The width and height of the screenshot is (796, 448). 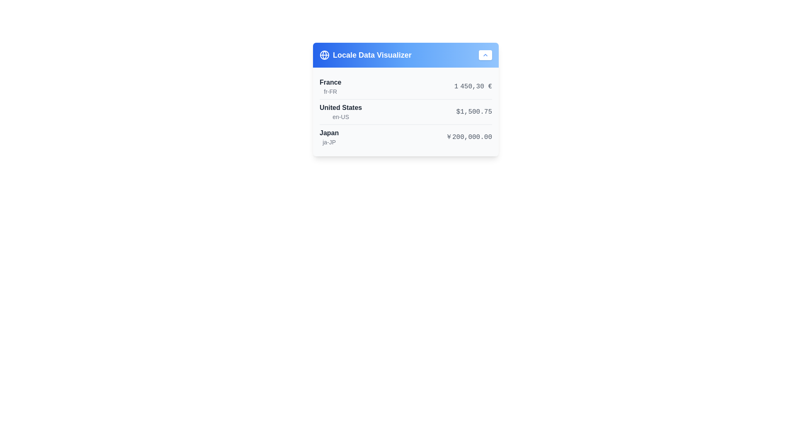 I want to click on the text label that serves as the title or heading for the interface, located centrally within the blue gradient header section, so click(x=371, y=55).